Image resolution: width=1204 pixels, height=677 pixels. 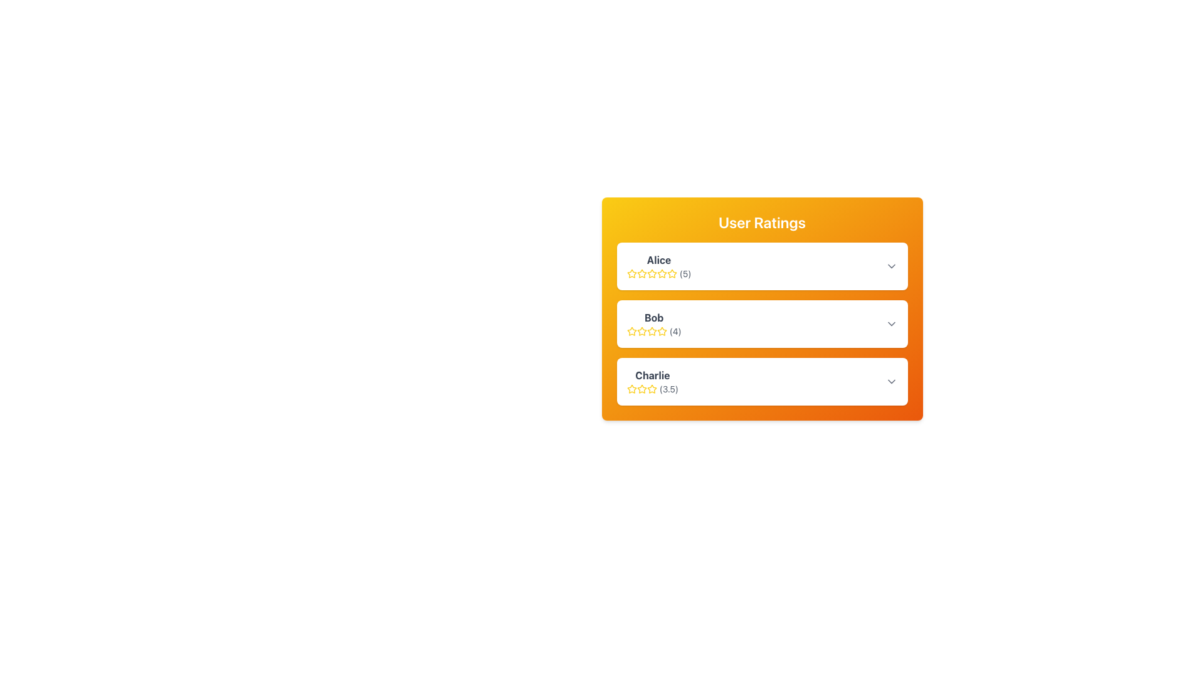 What do you see at coordinates (652, 374) in the screenshot?
I see `the text label representing the user's name, which is the third entry in the list, to interact with adjacent elements based on the name` at bounding box center [652, 374].